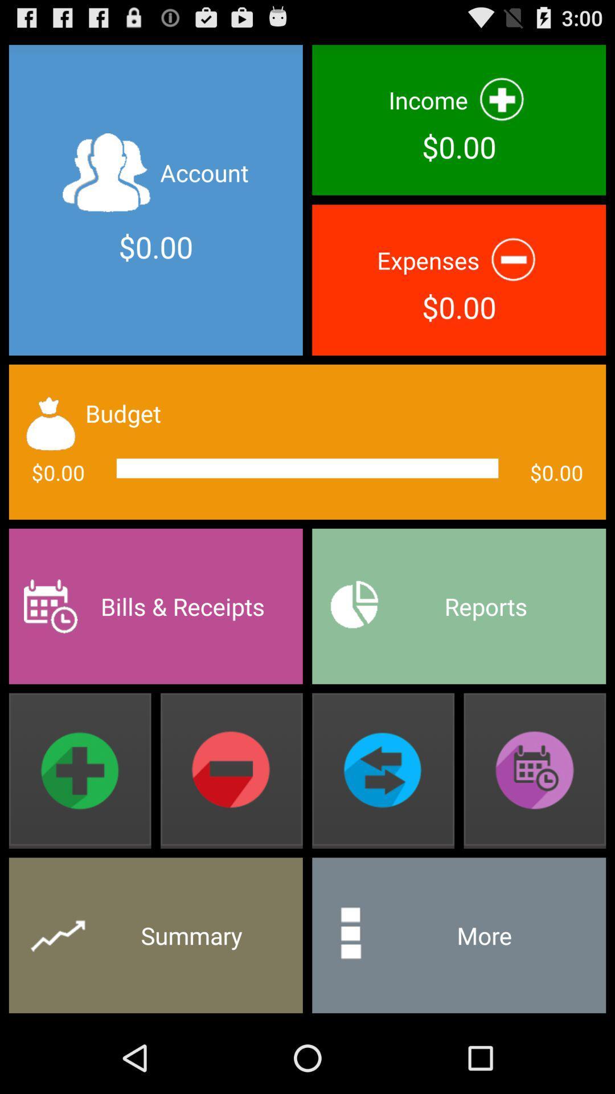 The image size is (615, 1094). I want to click on item to the left of reports, so click(155, 606).